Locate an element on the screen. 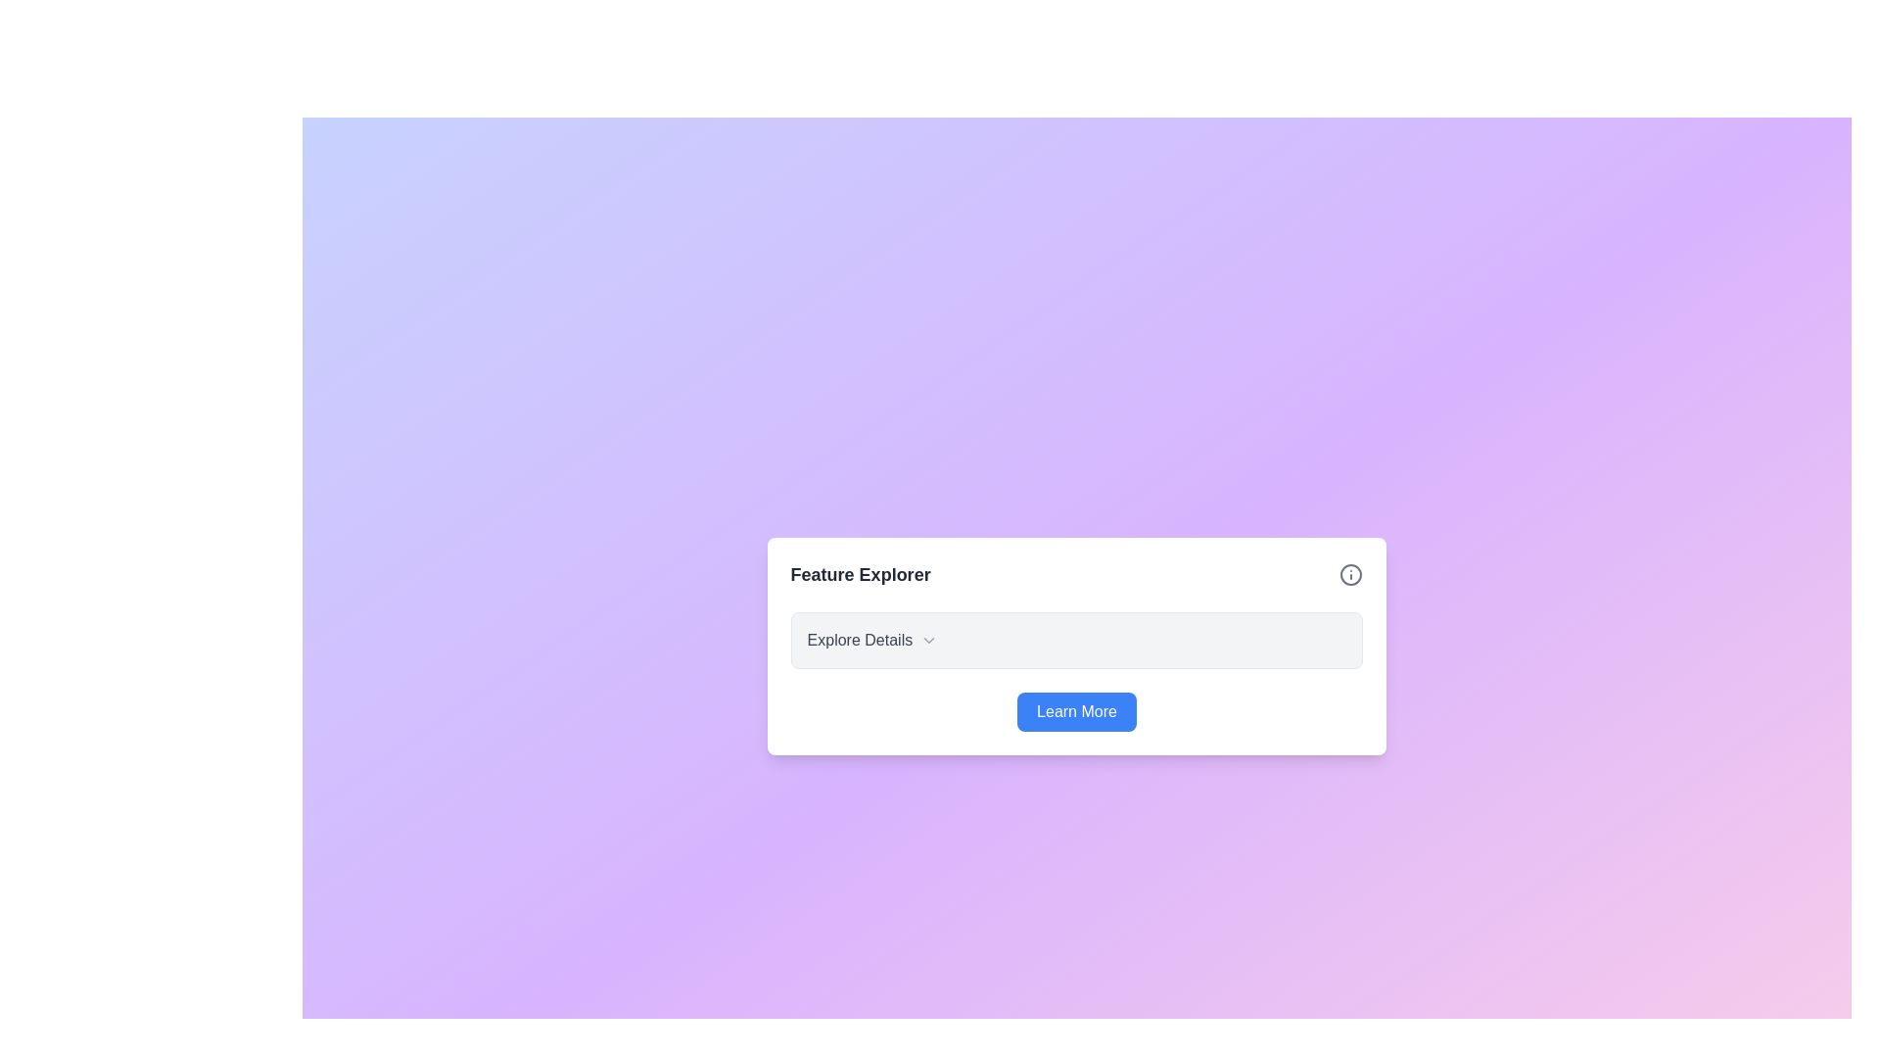 The height and width of the screenshot is (1058, 1880). the blue rounded rectangular button labeled 'Learn More' located in the 'Feature Explorer' section is located at coordinates (1075, 711).